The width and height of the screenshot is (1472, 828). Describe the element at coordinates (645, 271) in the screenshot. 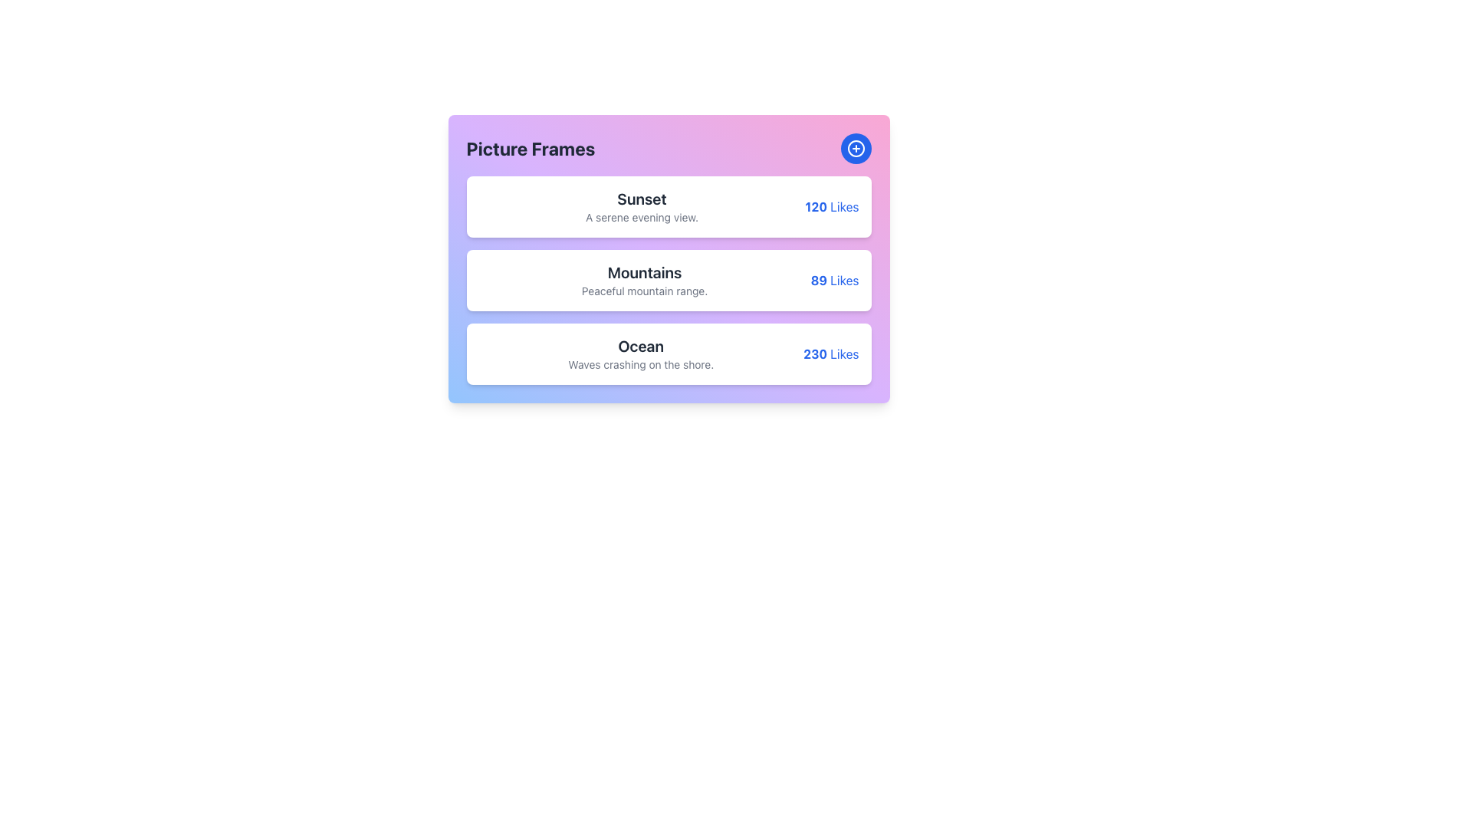

I see `the heading element that serves as the title for the picture frame description, positioned above the smaller gray text 'Peaceful mountain range.'` at that location.